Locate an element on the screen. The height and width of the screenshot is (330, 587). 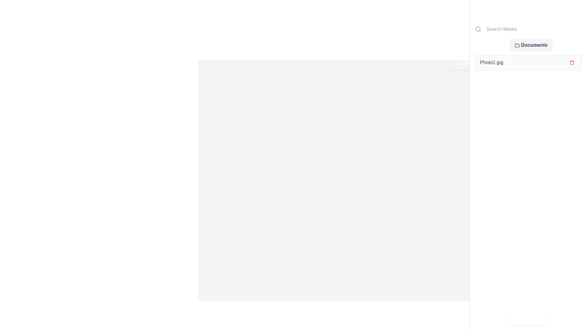
the red trash can icon located to the far right of the filename display 'Photo1.jpg' is located at coordinates (572, 62).